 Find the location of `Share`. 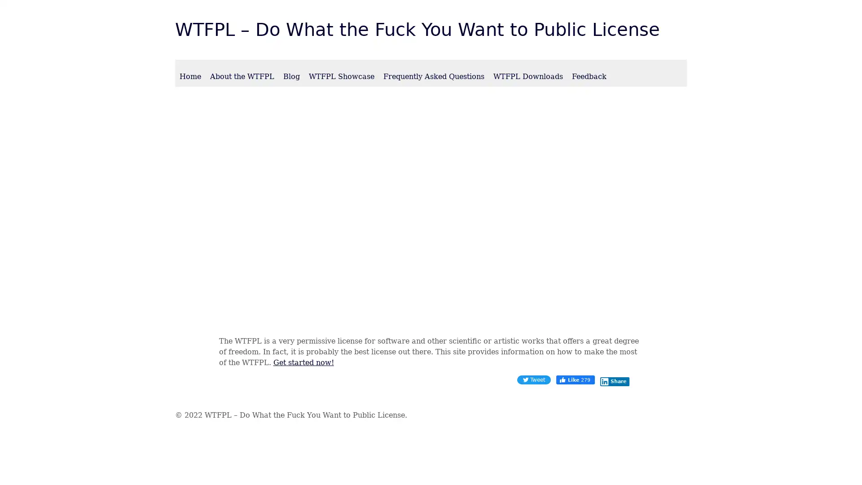

Share is located at coordinates (614, 381).